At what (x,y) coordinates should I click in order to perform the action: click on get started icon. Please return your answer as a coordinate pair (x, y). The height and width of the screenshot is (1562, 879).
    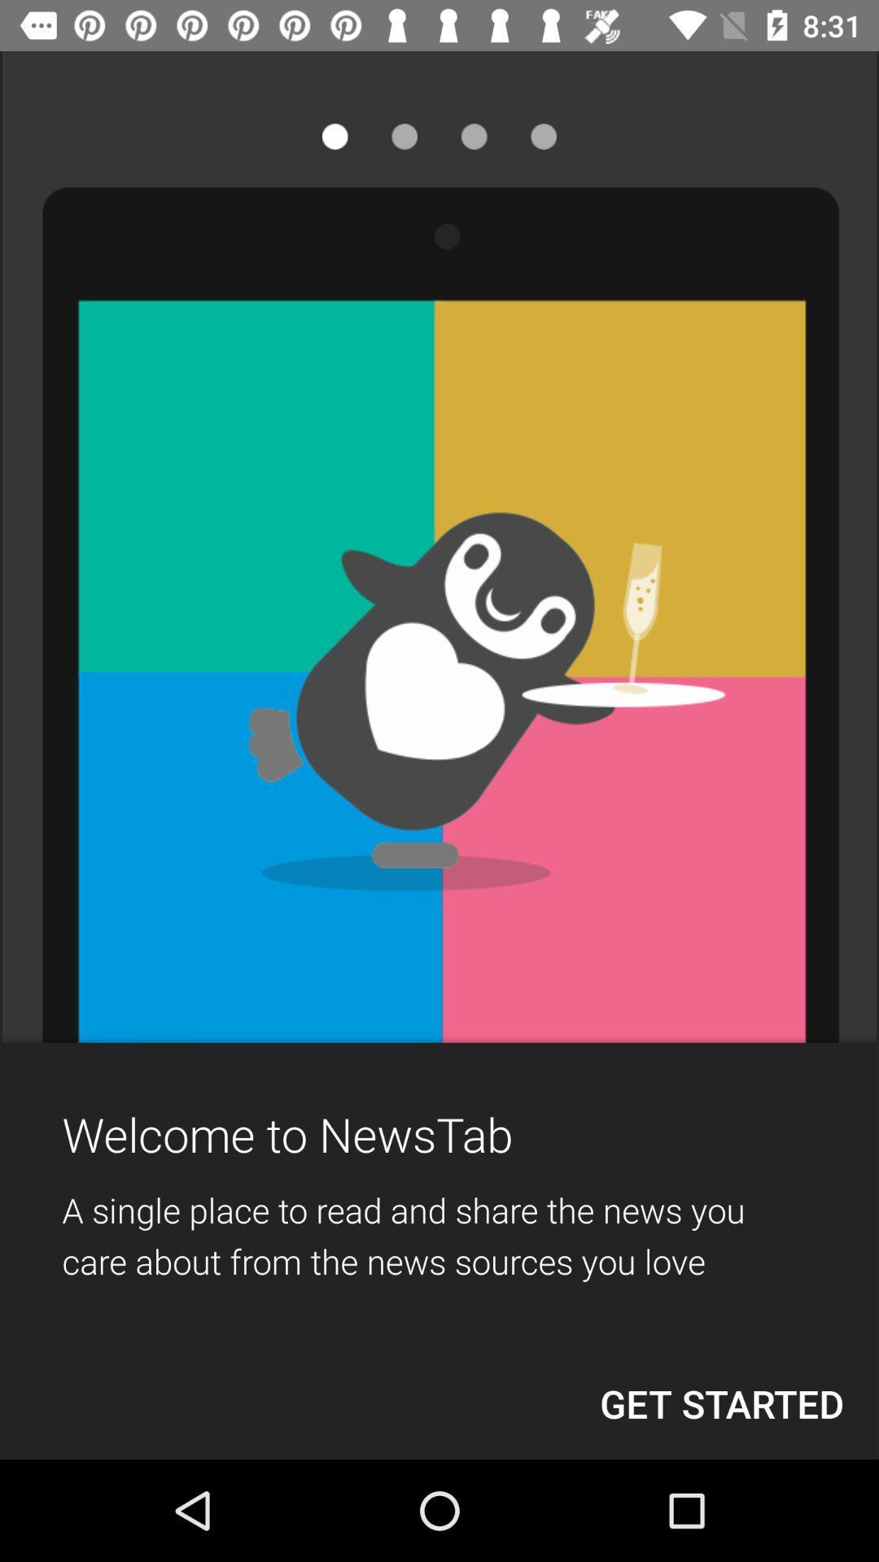
    Looking at the image, I should click on (721, 1403).